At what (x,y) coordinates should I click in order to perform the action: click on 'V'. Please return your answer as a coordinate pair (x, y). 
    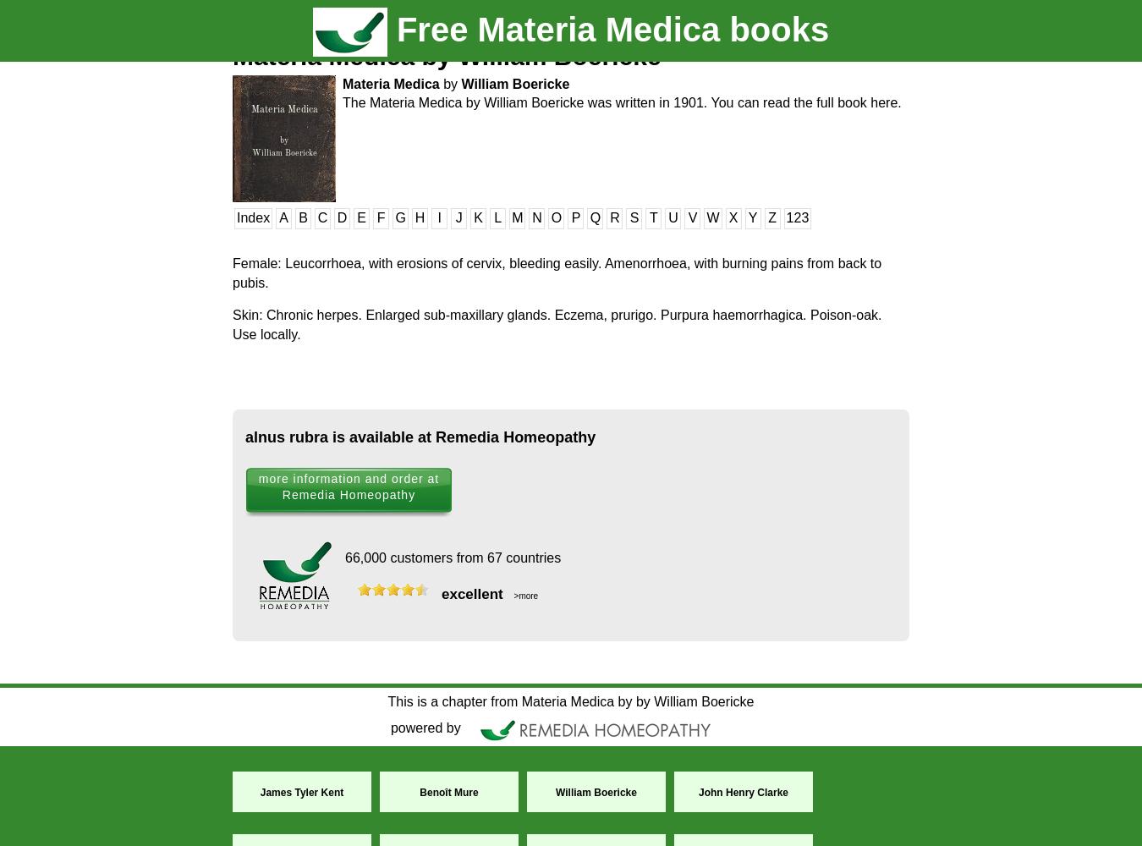
    Looking at the image, I should click on (692, 217).